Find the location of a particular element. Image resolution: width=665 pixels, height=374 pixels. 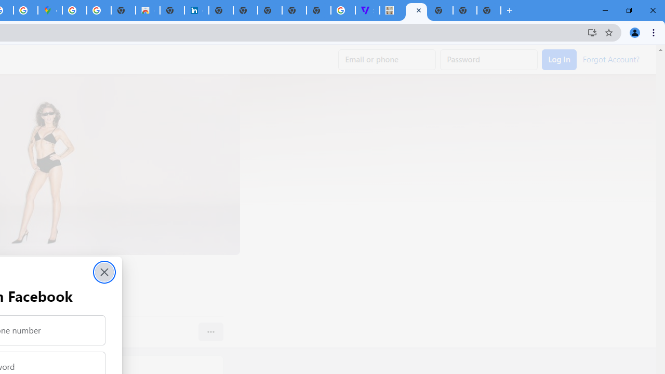

'Email or phone' is located at coordinates (387, 60).